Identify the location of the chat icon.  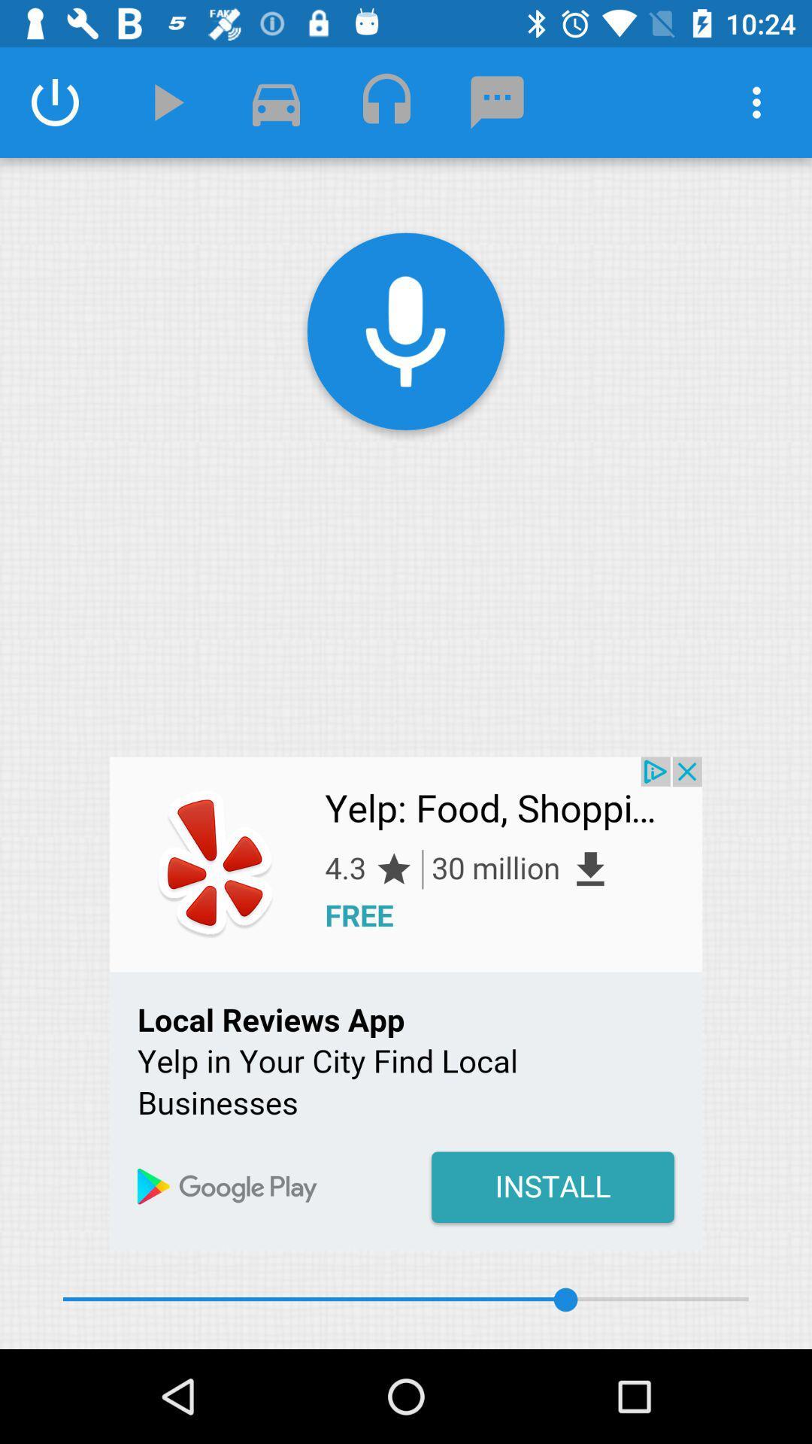
(497, 102).